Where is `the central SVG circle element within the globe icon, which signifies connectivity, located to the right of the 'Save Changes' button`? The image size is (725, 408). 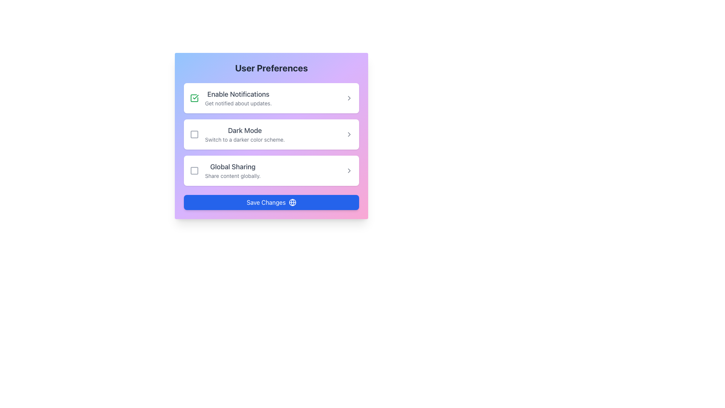 the central SVG circle element within the globe icon, which signifies connectivity, located to the right of the 'Save Changes' button is located at coordinates (292, 202).